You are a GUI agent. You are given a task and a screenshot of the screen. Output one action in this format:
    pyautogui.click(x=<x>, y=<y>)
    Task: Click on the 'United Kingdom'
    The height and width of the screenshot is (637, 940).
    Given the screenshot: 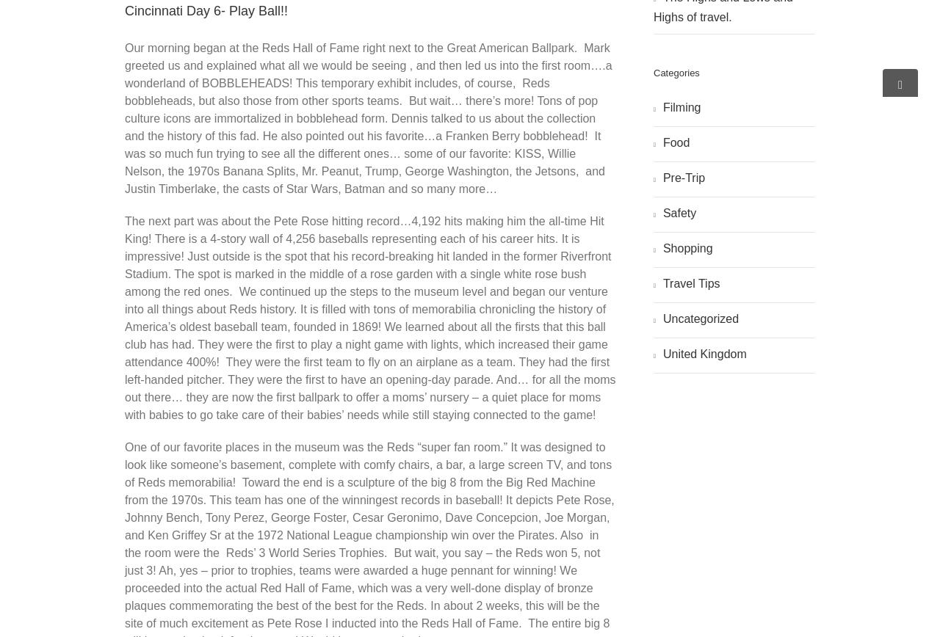 What is the action you would take?
    pyautogui.click(x=703, y=353)
    